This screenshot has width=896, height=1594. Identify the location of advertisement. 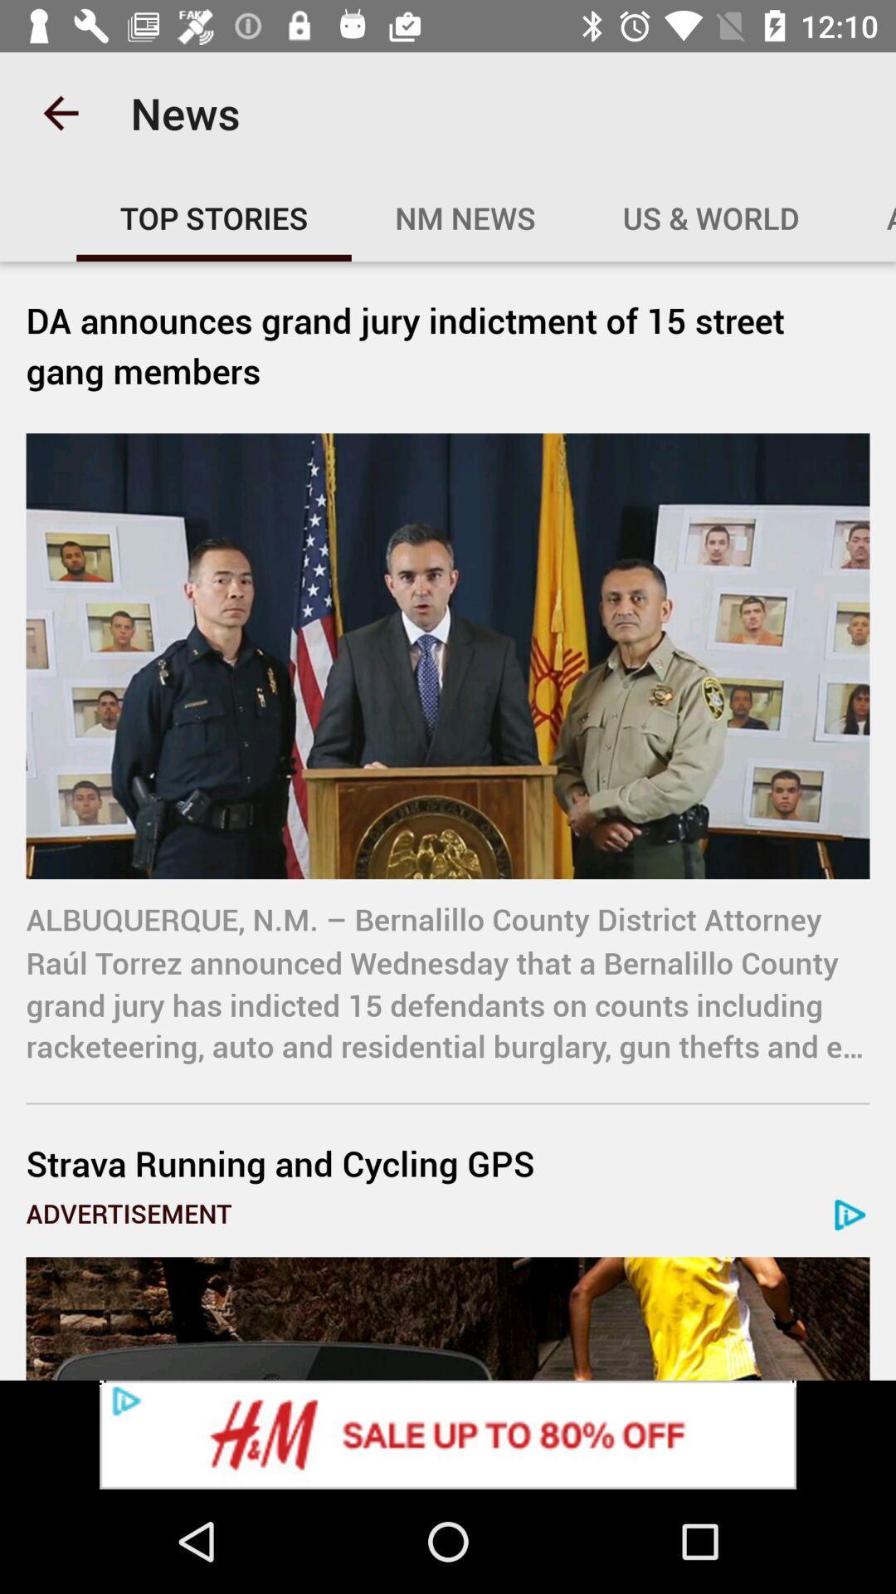
(448, 1434).